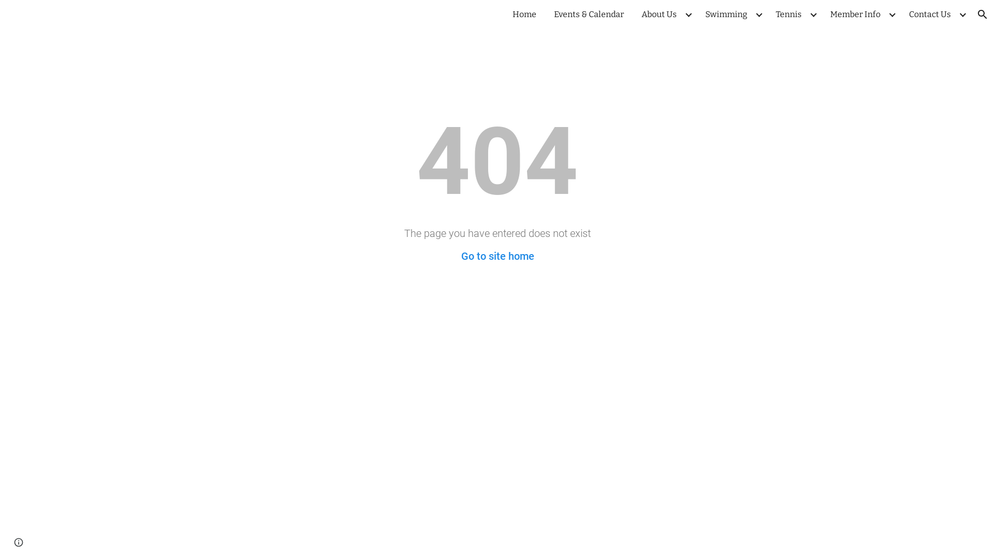 The width and height of the screenshot is (995, 560). I want to click on 'Member Info', so click(825, 14).